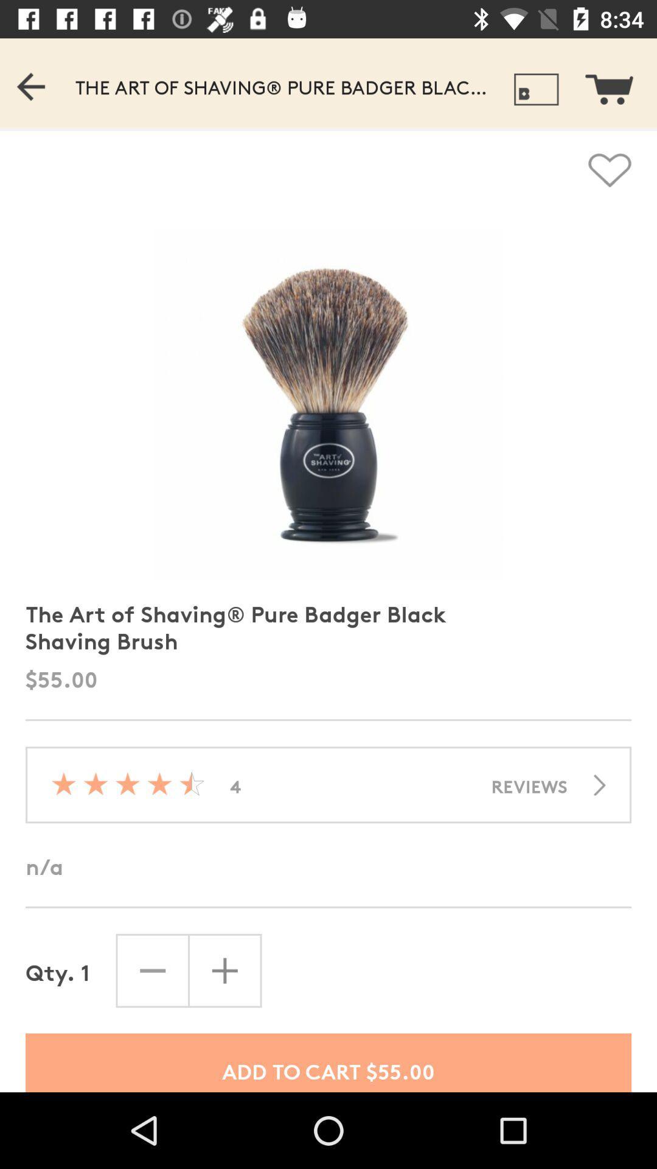 The image size is (657, 1169). I want to click on cart, so click(617, 82).